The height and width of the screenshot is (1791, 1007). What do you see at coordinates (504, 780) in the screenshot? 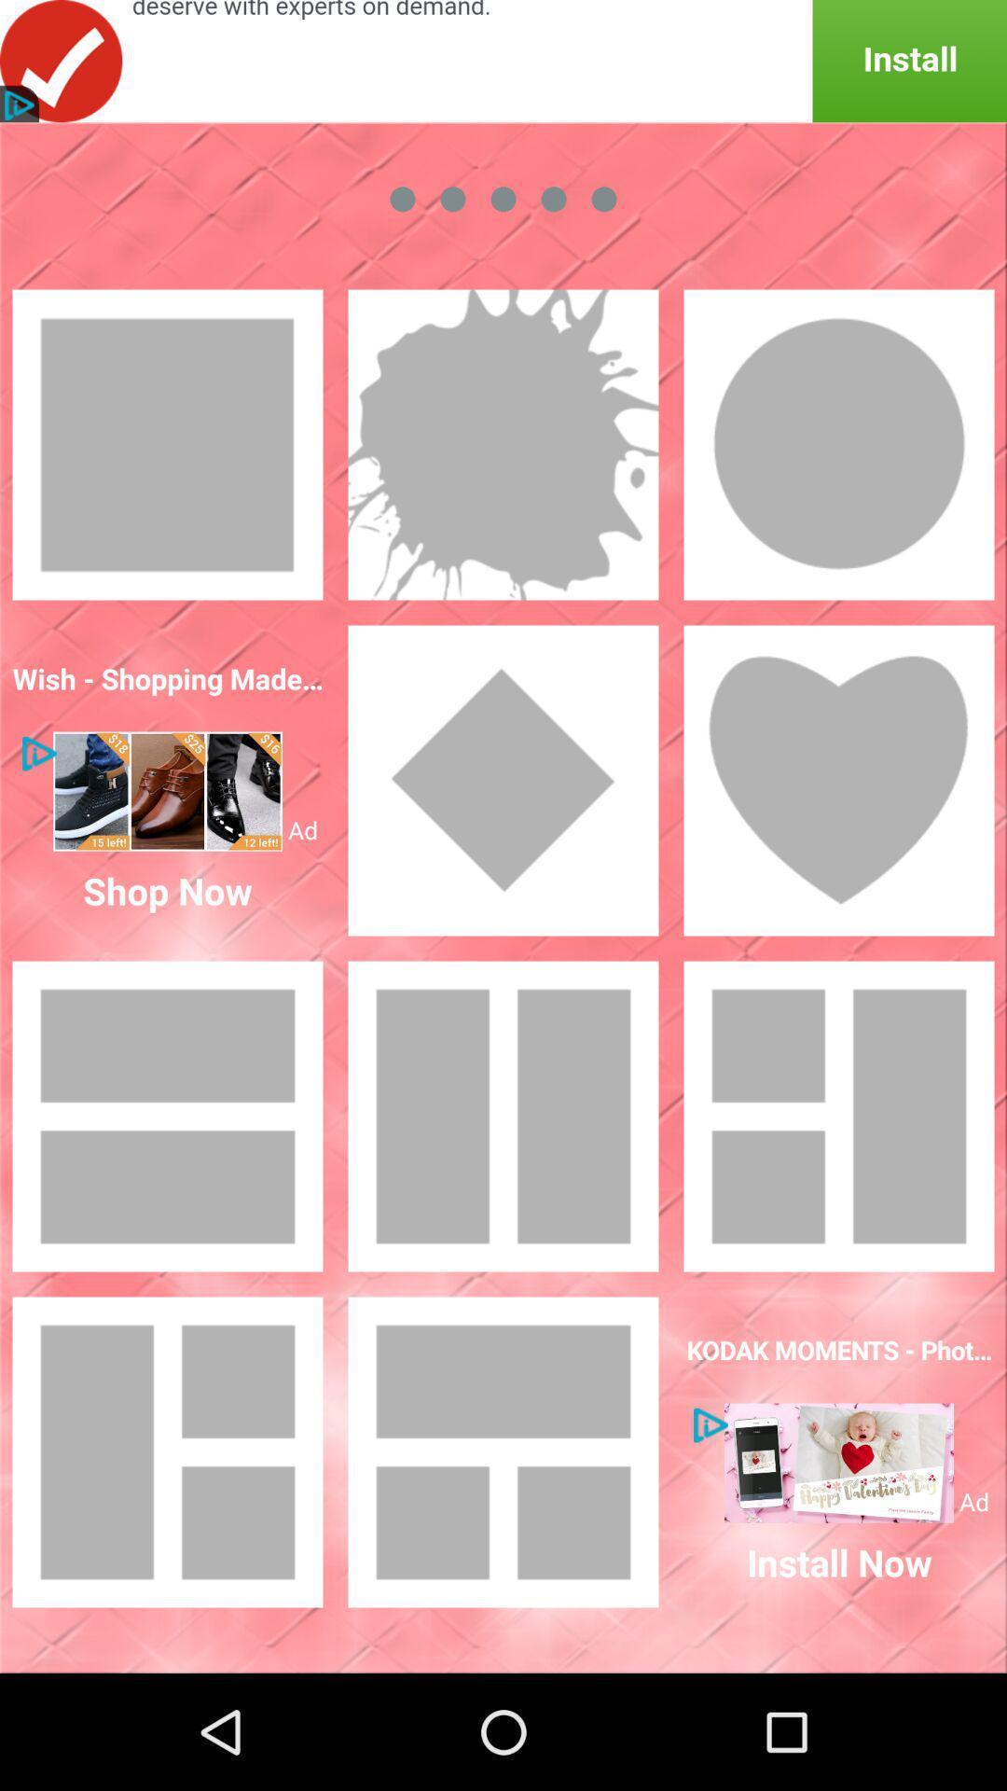
I see `photo setting option` at bounding box center [504, 780].